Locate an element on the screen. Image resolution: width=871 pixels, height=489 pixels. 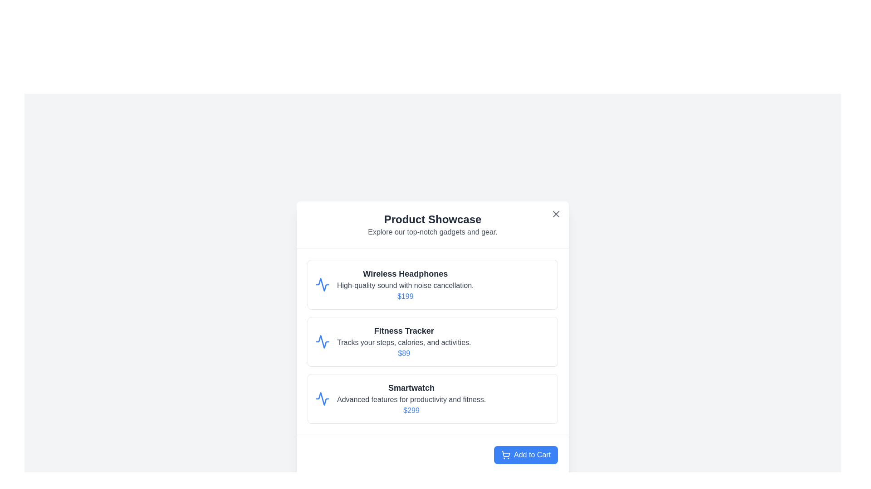
text label stating 'Advanced features for productivity and fitness.' located below the title 'Smartwatch' and above the price '$299' is located at coordinates (411, 399).